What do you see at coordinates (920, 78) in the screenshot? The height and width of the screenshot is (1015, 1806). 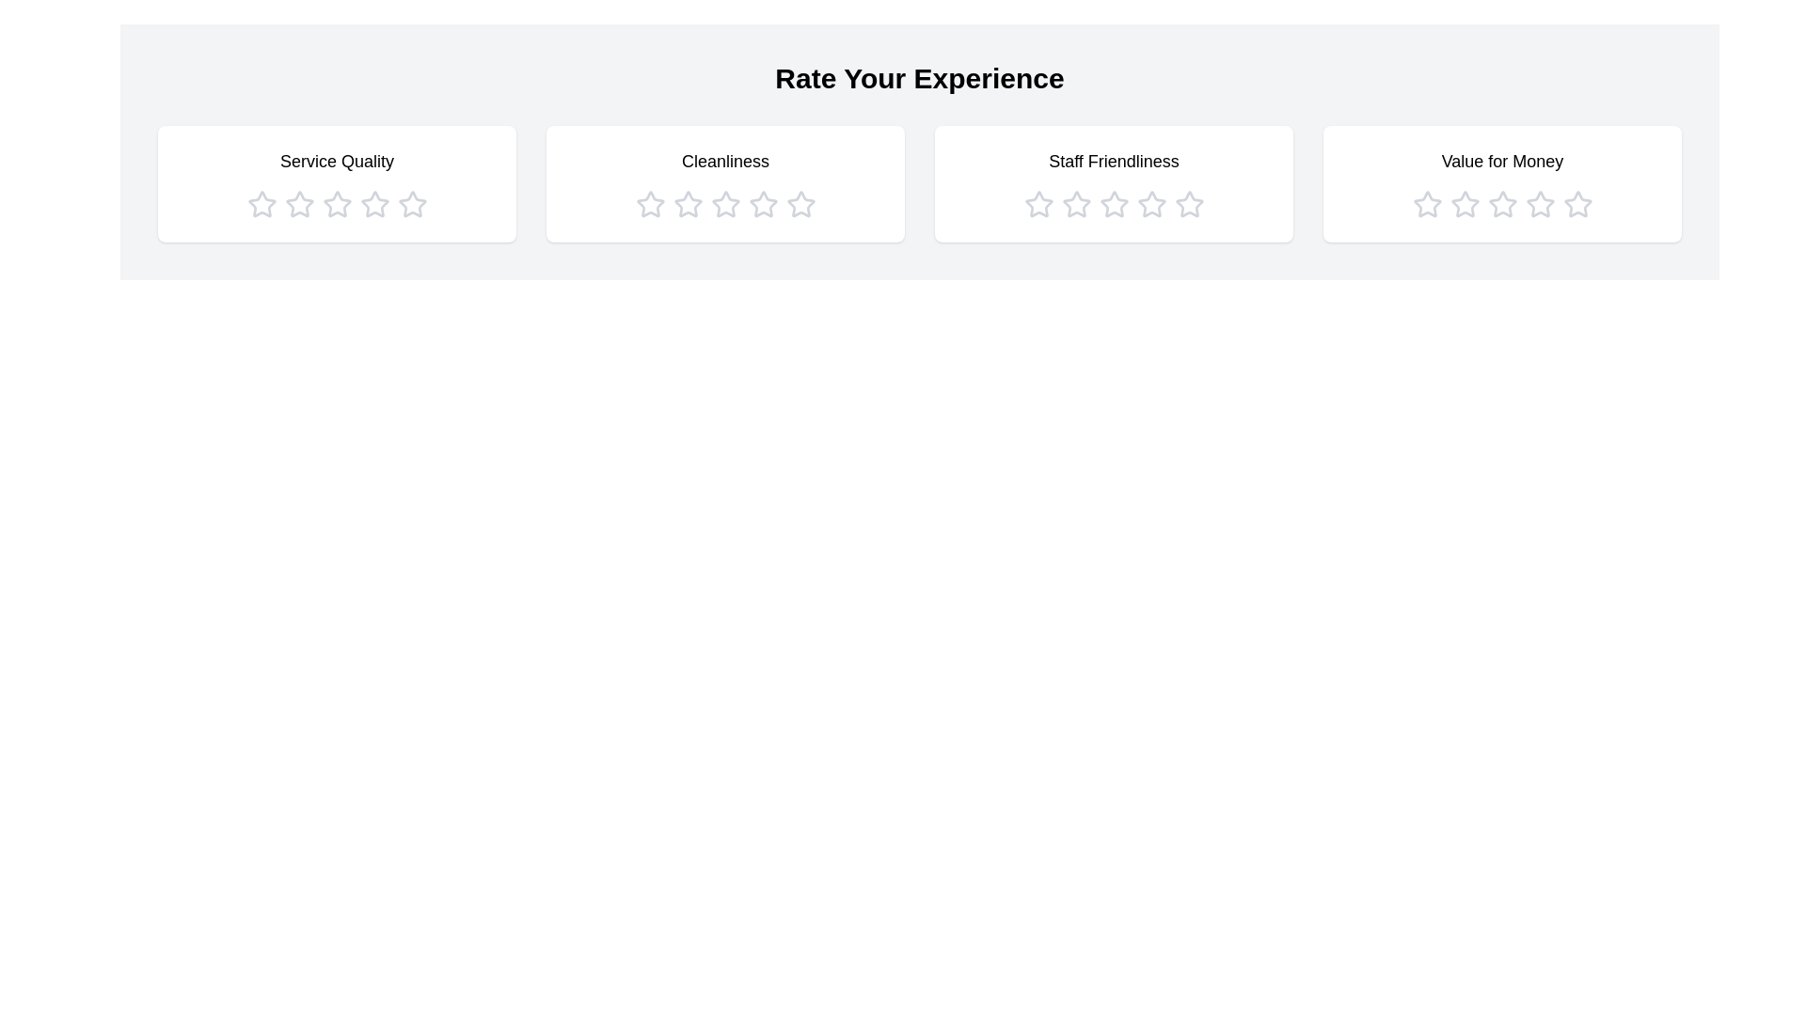 I see `the header text 'Rate Your Experience' to simulate reading it` at bounding box center [920, 78].